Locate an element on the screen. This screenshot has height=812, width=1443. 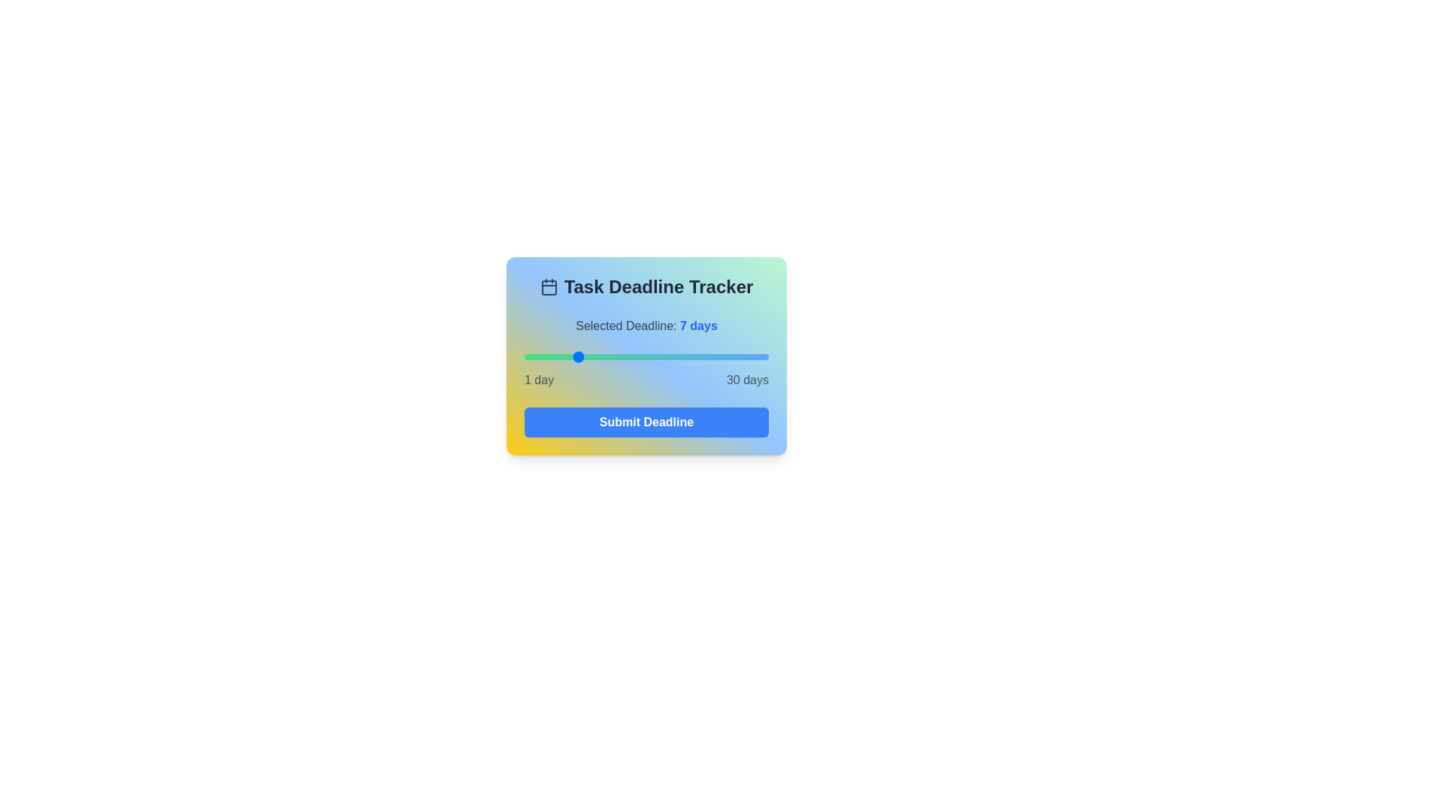
the deadline to 7 days using the slider is located at coordinates (574, 356).